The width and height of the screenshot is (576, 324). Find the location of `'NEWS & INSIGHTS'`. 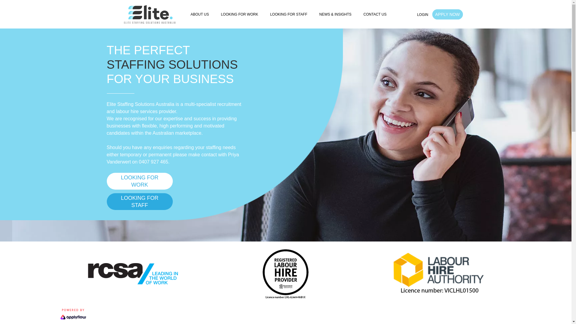

'NEWS & INSIGHTS' is located at coordinates (335, 14).